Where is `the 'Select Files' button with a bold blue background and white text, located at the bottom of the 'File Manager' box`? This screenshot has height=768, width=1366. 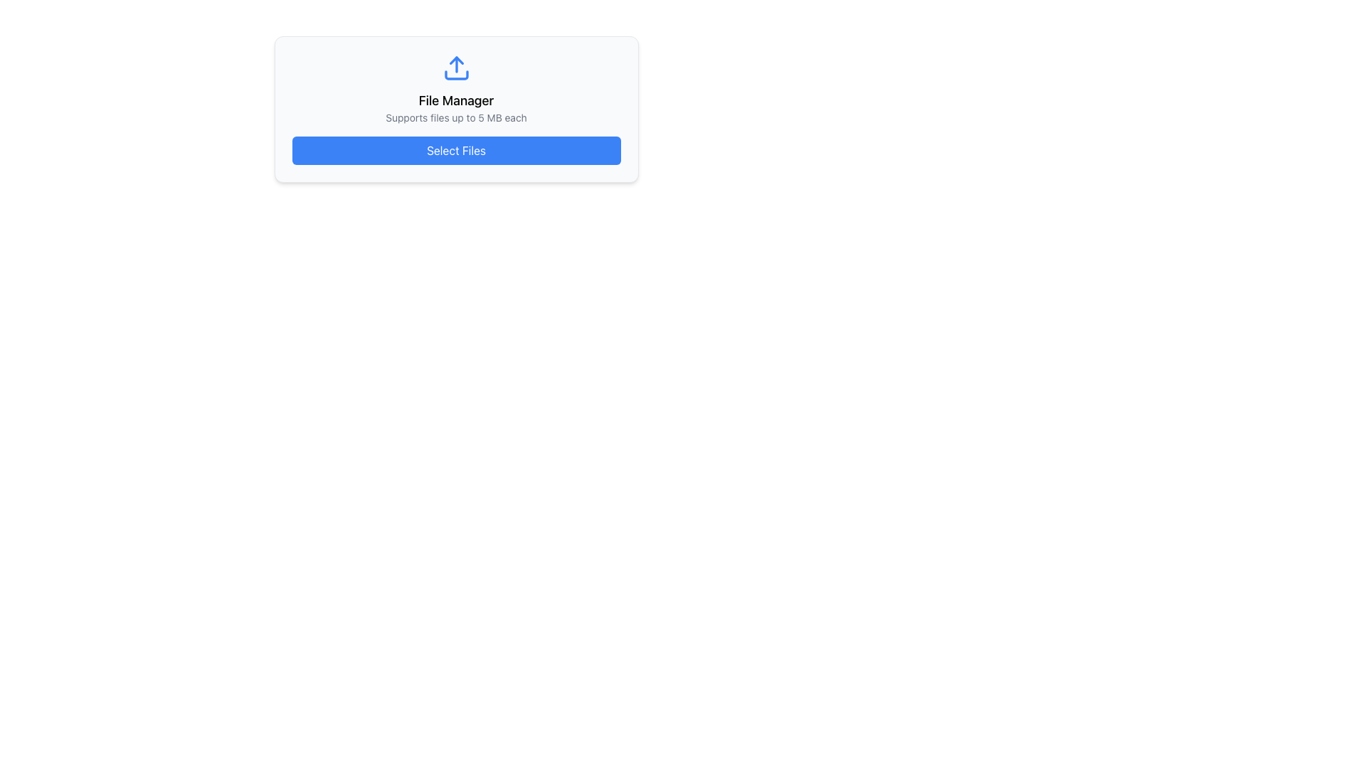
the 'Select Files' button with a bold blue background and white text, located at the bottom of the 'File Manager' box is located at coordinates (456, 151).